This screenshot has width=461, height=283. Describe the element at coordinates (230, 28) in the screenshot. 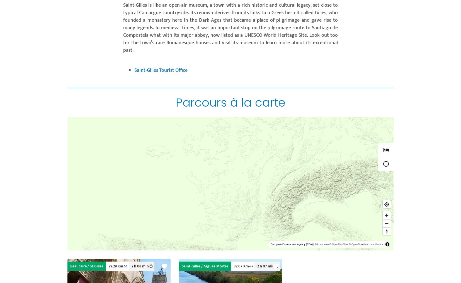

I see `'Saint-Gilles is like an open-air museum, a town with a rich historic and cultural legacy, set close to typical Camargue countryside. Its renown derives from its links to a Greek hermit called Gilles, who founded a monastery here in the Dark Ages that became a place of pilgrimage and gave rise to many legends. In medieval times, it was an important stop on the pilgrimage route to Santiago de Compostela what with its major abbey, now listed as a UNESCO World Heritage Site. Look out too for the town’s rare Romanesque houses and visit its museum to learn more about its exceptional past.'` at that location.